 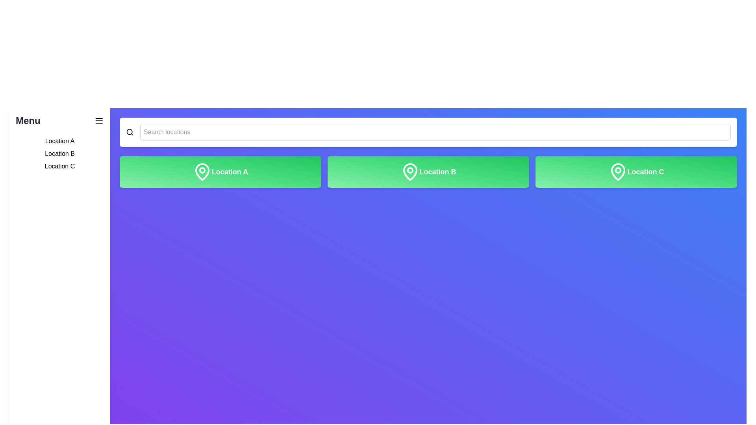 What do you see at coordinates (28, 121) in the screenshot?
I see `the static text label displaying 'Menu' in bold, large dark gray font located in the upper left panel of the interface` at bounding box center [28, 121].